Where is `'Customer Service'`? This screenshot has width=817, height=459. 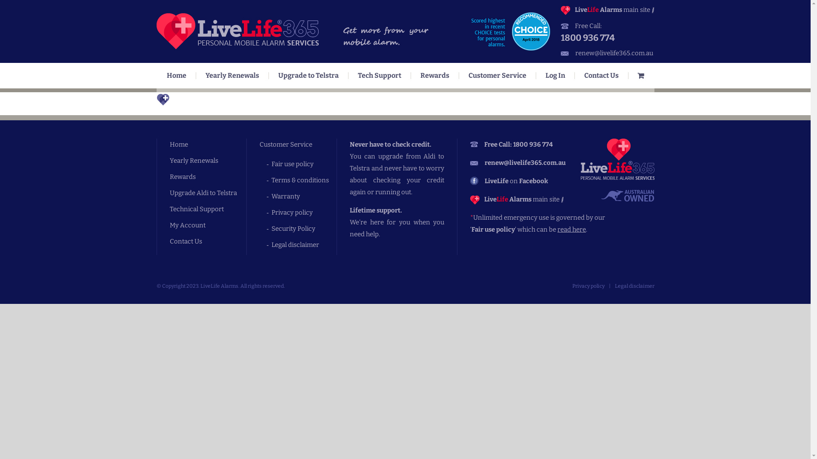 'Customer Service' is located at coordinates (259, 144).